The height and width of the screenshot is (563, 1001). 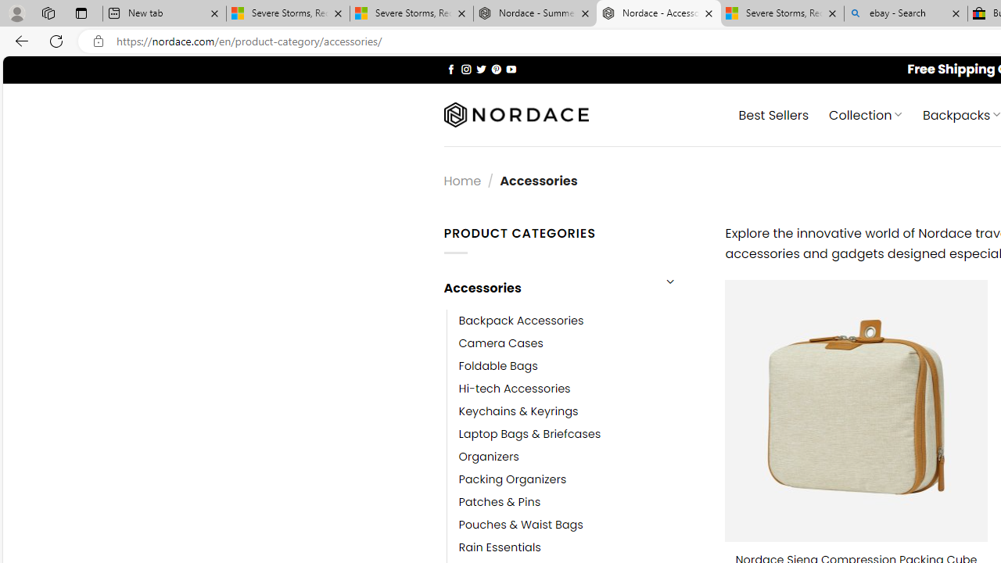 I want to click on 'Backpack Accessories', so click(x=521, y=320).